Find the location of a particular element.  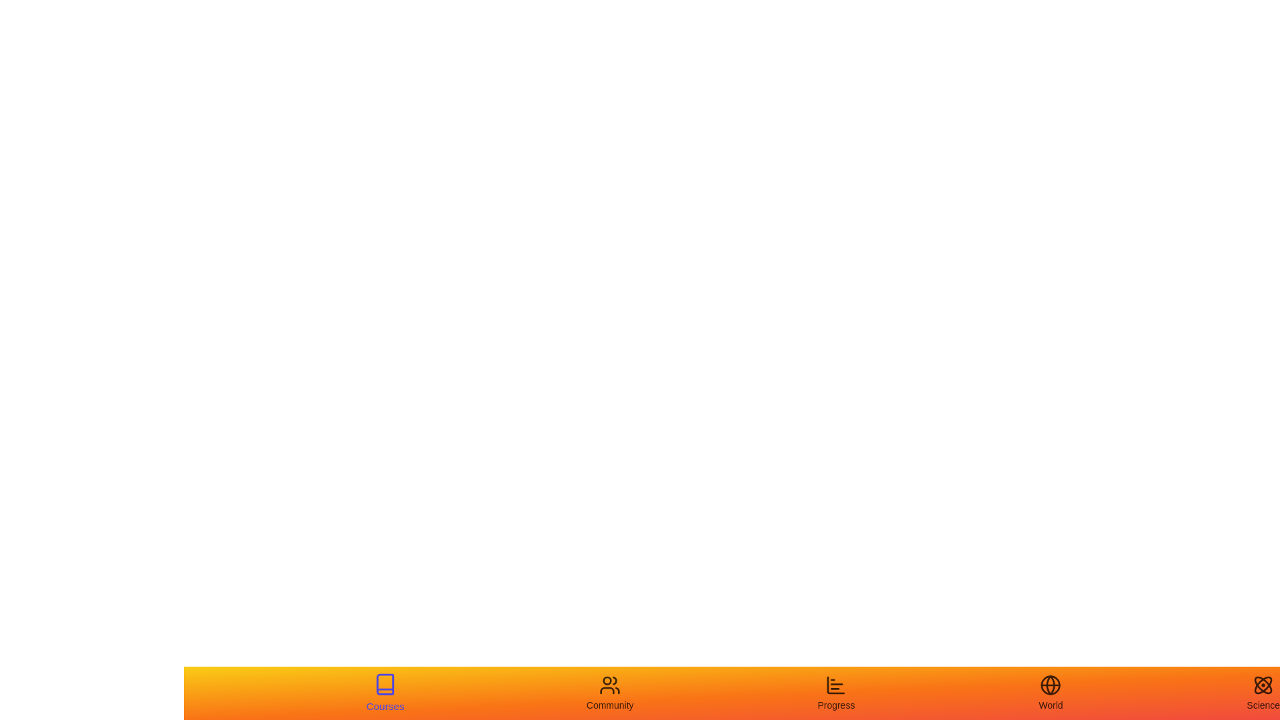

the Courses tab to view its hover effect is located at coordinates (384, 693).